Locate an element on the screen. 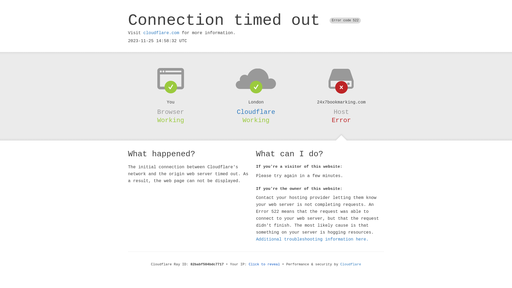 This screenshot has height=288, width=512. 'Cloudflare' is located at coordinates (256, 112).